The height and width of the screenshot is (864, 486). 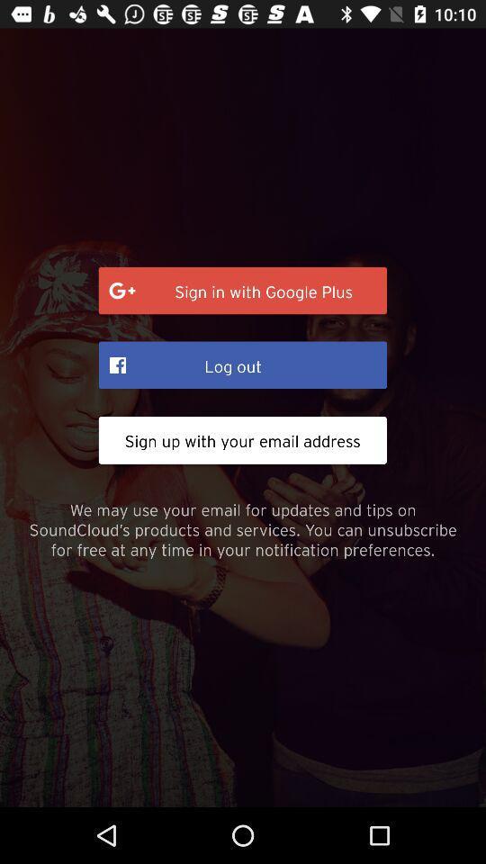 What do you see at coordinates (243, 364) in the screenshot?
I see `the log out` at bounding box center [243, 364].